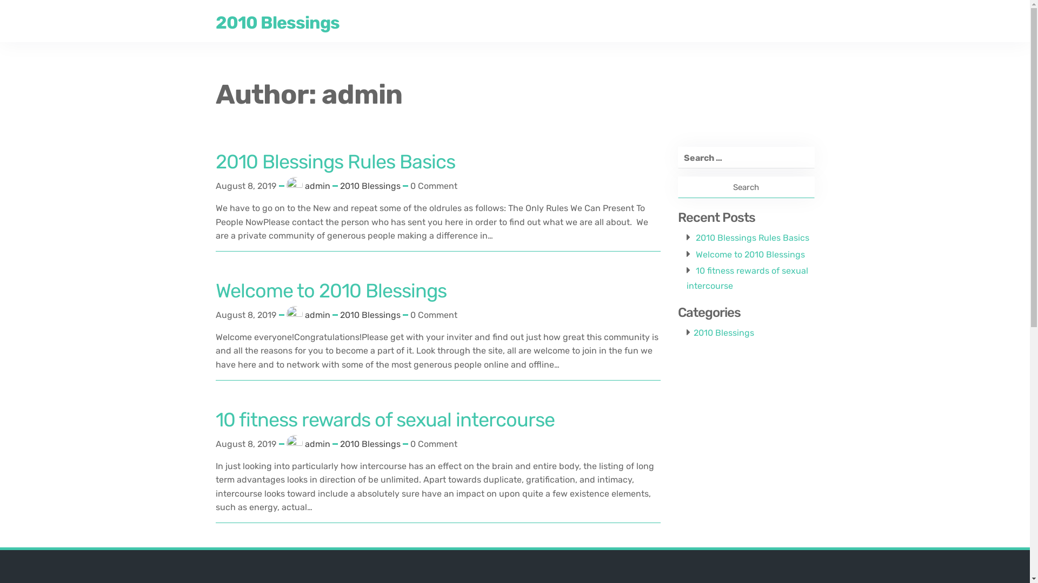 This screenshot has height=583, width=1038. I want to click on '2010 Blessings', so click(277, 23).